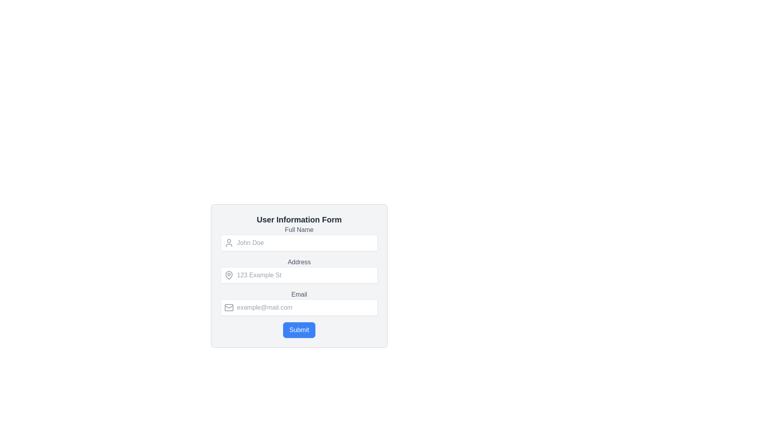 This screenshot has width=757, height=426. Describe the element at coordinates (228, 243) in the screenshot. I see `the user profile icon, which is a minimalist gray circular head with a semicircular body, located to the left of the text entry field labeled 'John Doe'` at that location.